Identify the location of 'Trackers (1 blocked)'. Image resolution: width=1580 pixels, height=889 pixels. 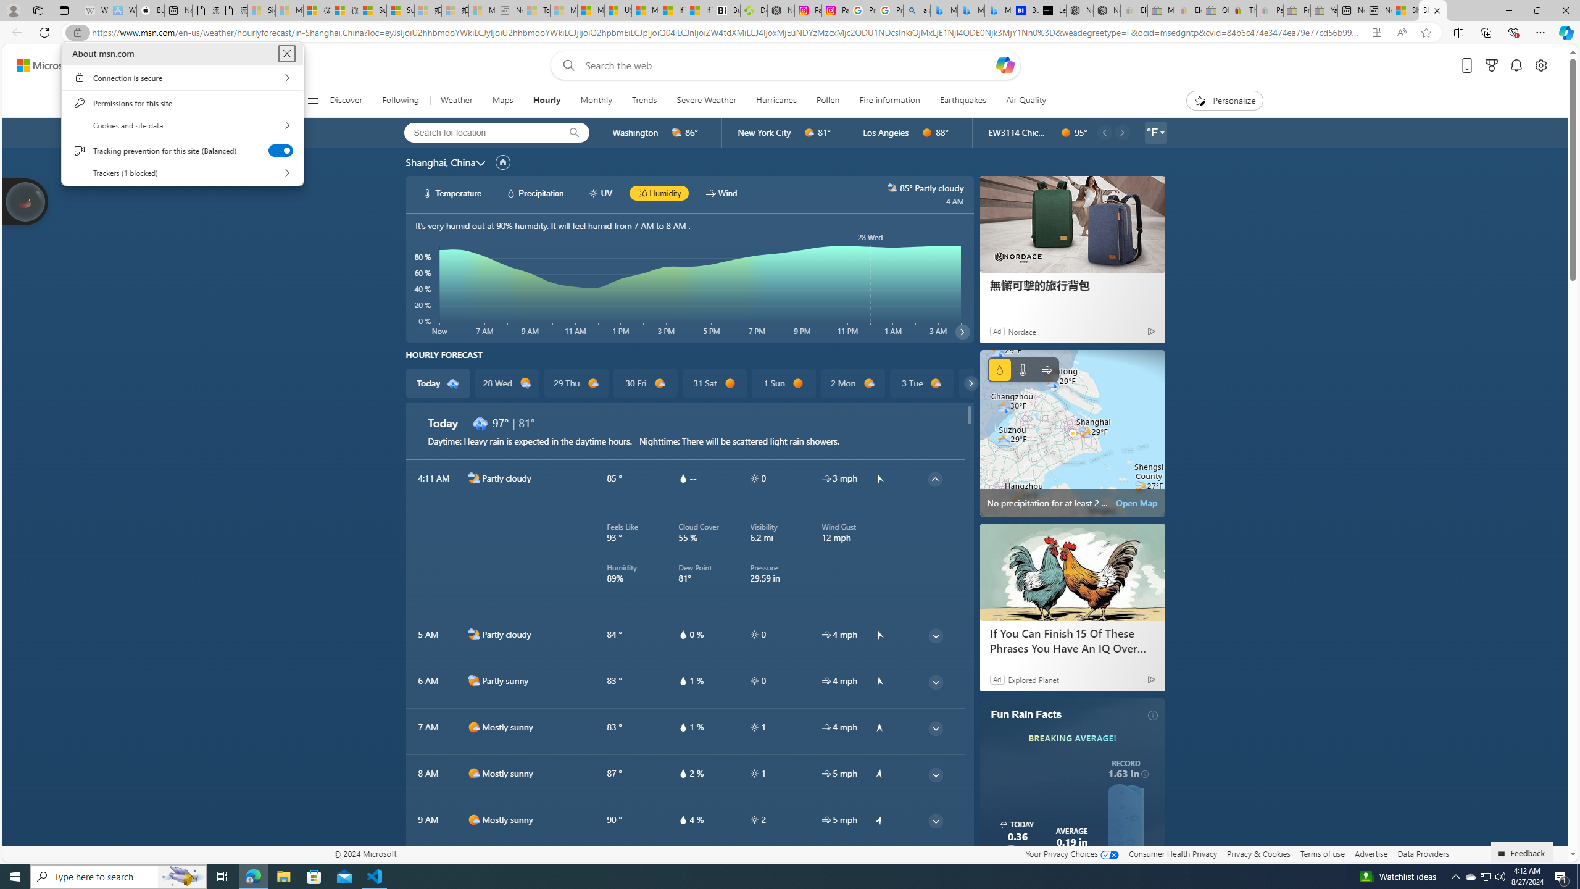
(181, 172).